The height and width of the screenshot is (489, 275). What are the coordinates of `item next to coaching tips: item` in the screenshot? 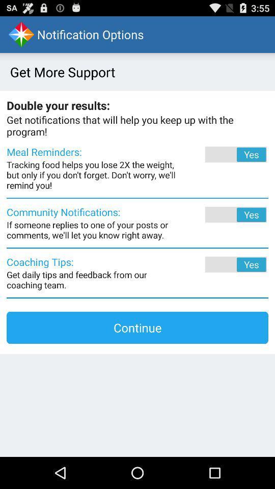 It's located at (222, 264).